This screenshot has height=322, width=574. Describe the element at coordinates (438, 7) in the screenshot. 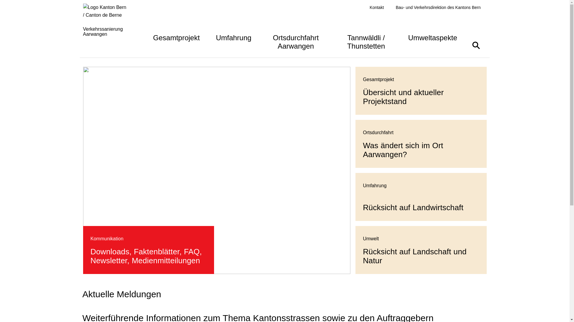

I see `'Bau- und Verkehrsdirektion des Kantons Bern'` at that location.